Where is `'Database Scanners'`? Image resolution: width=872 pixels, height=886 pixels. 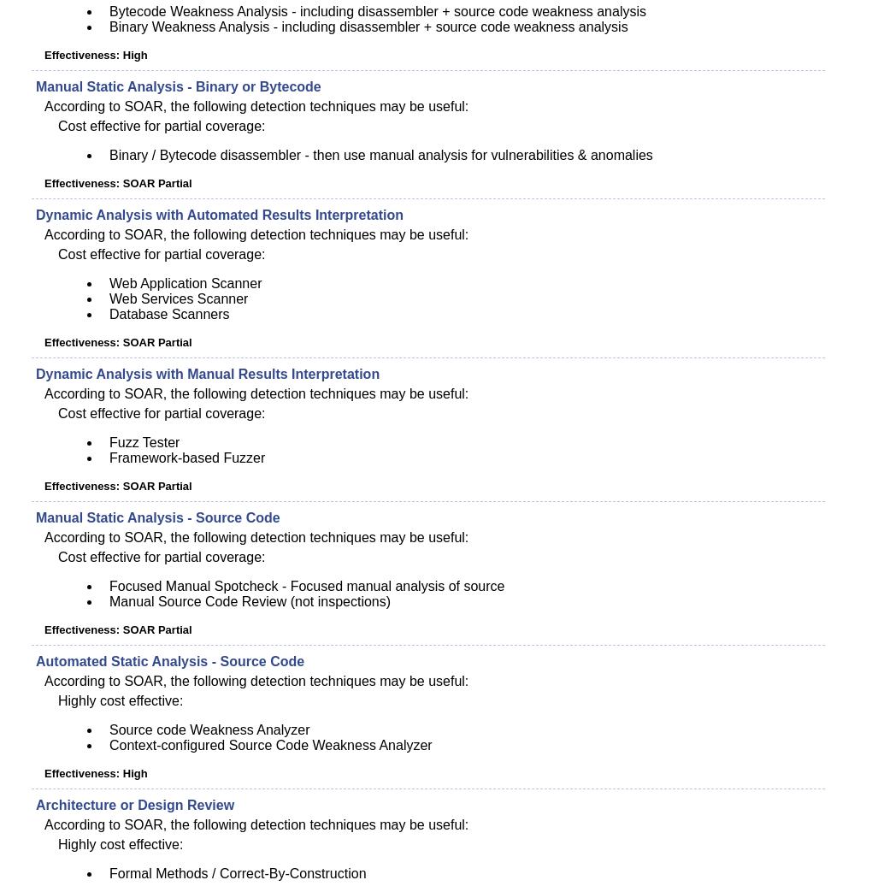
'Database Scanners' is located at coordinates (168, 314).